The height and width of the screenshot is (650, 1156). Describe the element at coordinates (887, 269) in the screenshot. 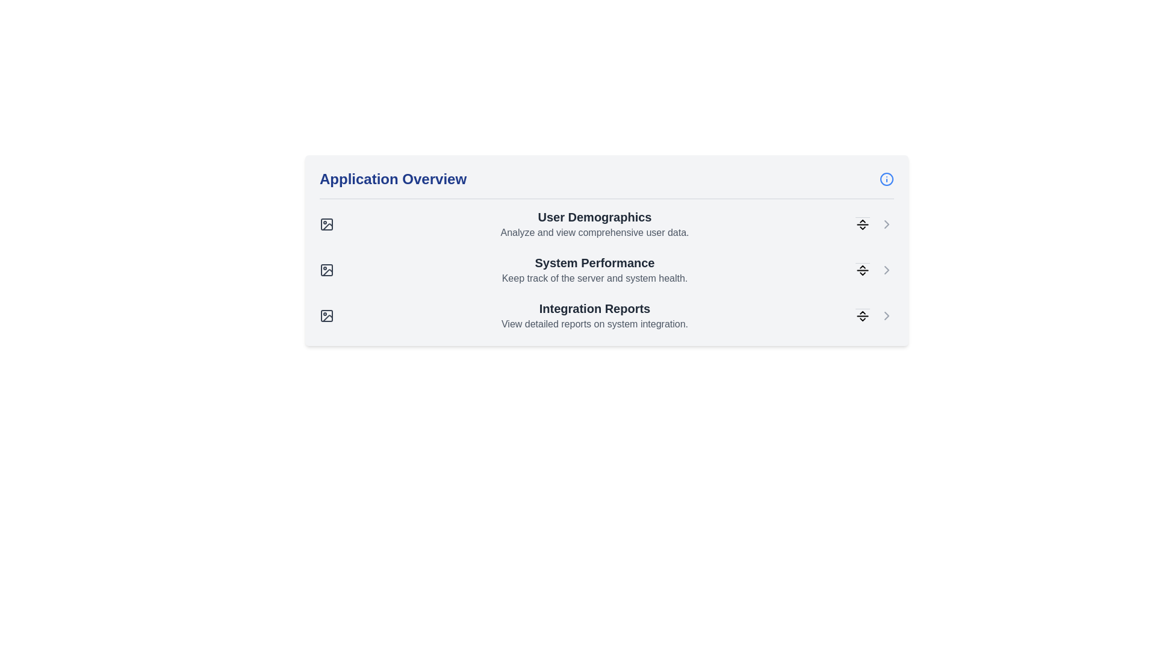

I see `the chevron right icon located at the far-right side of the 'System Performance' entry in the list` at that location.